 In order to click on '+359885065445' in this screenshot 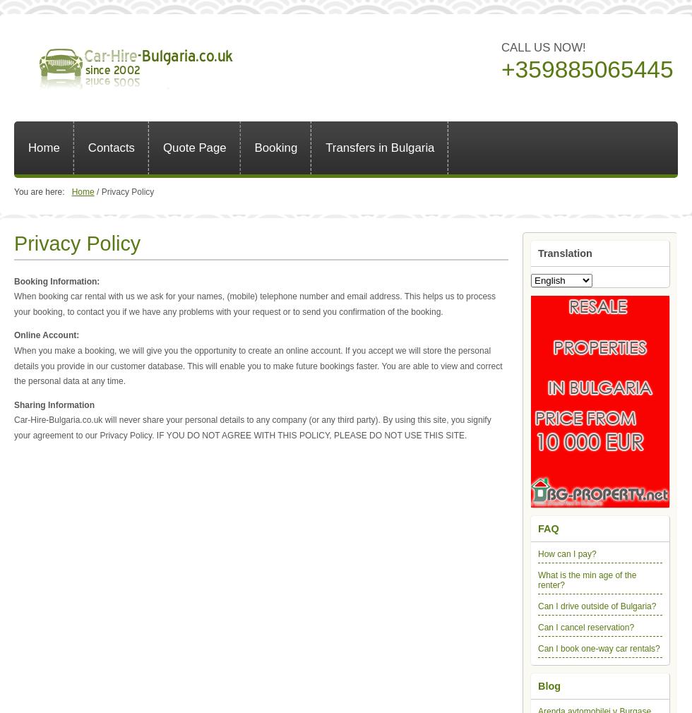, I will do `click(587, 68)`.